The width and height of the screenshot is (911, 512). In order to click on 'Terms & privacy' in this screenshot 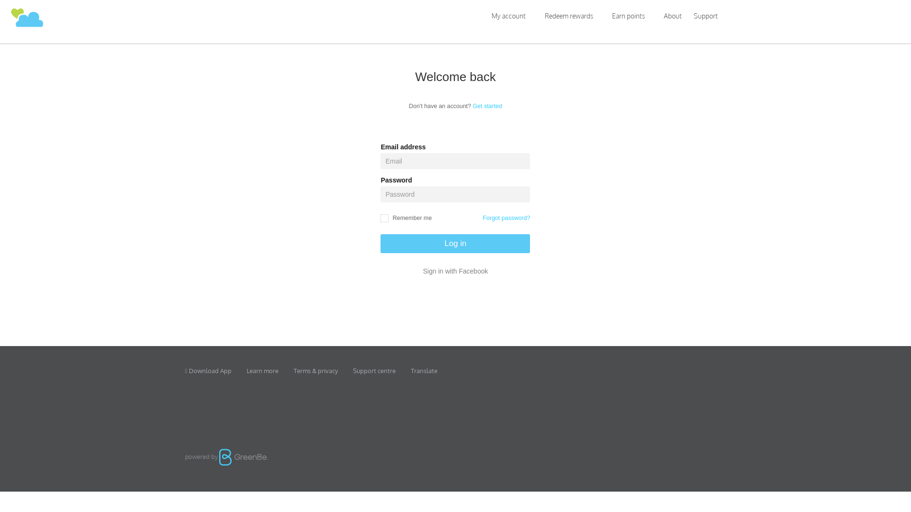, I will do `click(316, 370)`.